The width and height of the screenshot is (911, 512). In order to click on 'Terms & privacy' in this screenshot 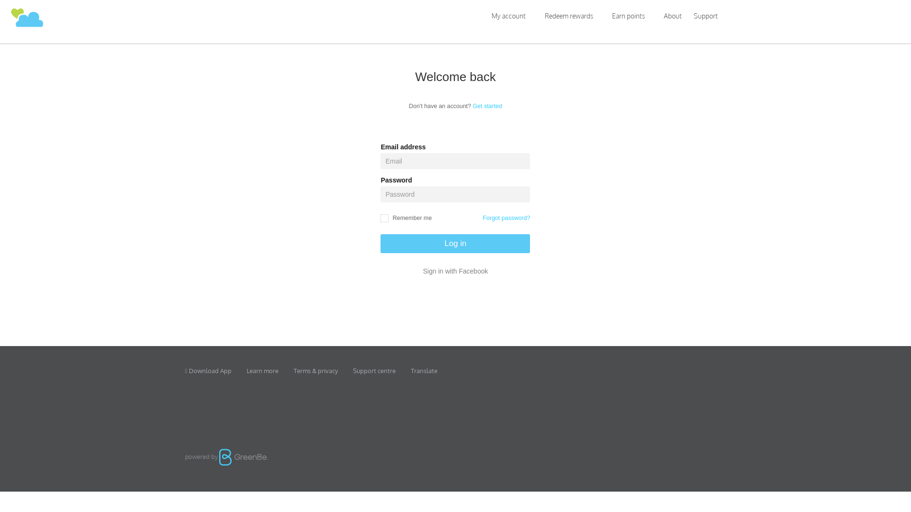, I will do `click(316, 370)`.